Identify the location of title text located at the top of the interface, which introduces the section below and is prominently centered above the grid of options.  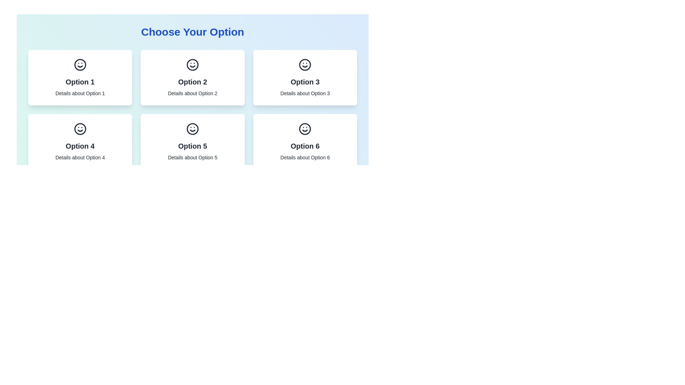
(192, 31).